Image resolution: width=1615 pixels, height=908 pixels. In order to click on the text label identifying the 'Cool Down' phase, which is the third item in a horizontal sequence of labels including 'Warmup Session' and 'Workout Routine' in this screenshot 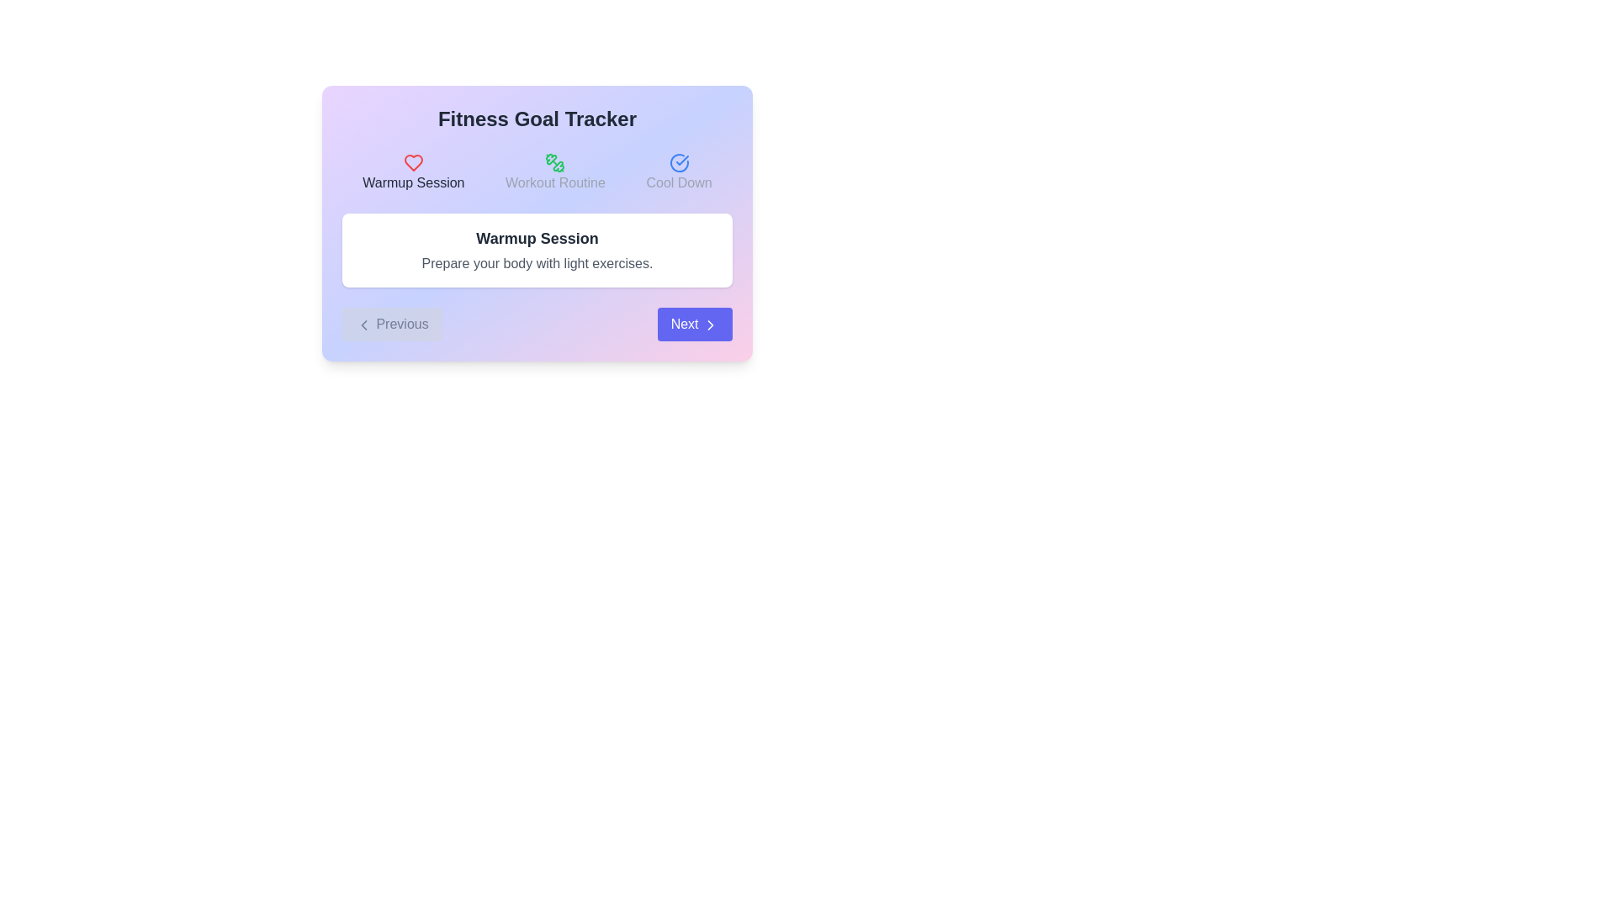, I will do `click(679, 183)`.